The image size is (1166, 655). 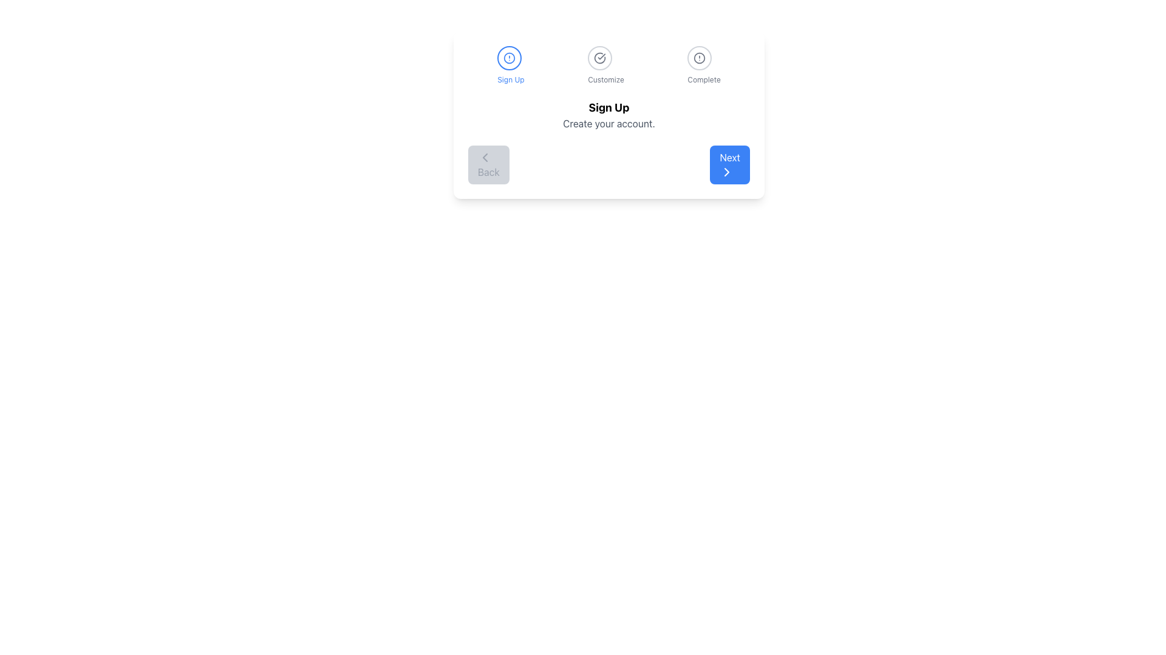 What do you see at coordinates (704, 79) in the screenshot?
I see `the text label that identifies the third step in the navigation process, which is centrally positioned below the rightmost circular icon in a set of three horizontally arranged icons` at bounding box center [704, 79].